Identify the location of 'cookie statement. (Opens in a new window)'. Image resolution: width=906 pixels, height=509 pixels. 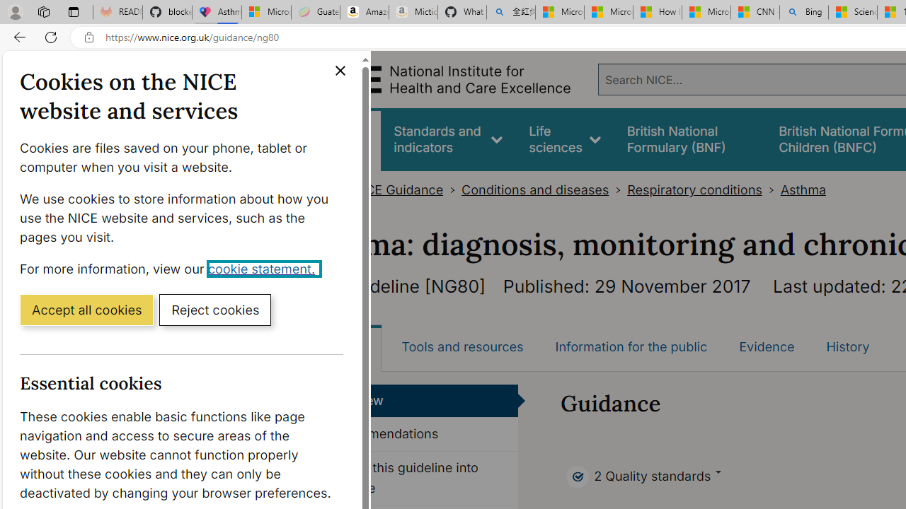
(264, 268).